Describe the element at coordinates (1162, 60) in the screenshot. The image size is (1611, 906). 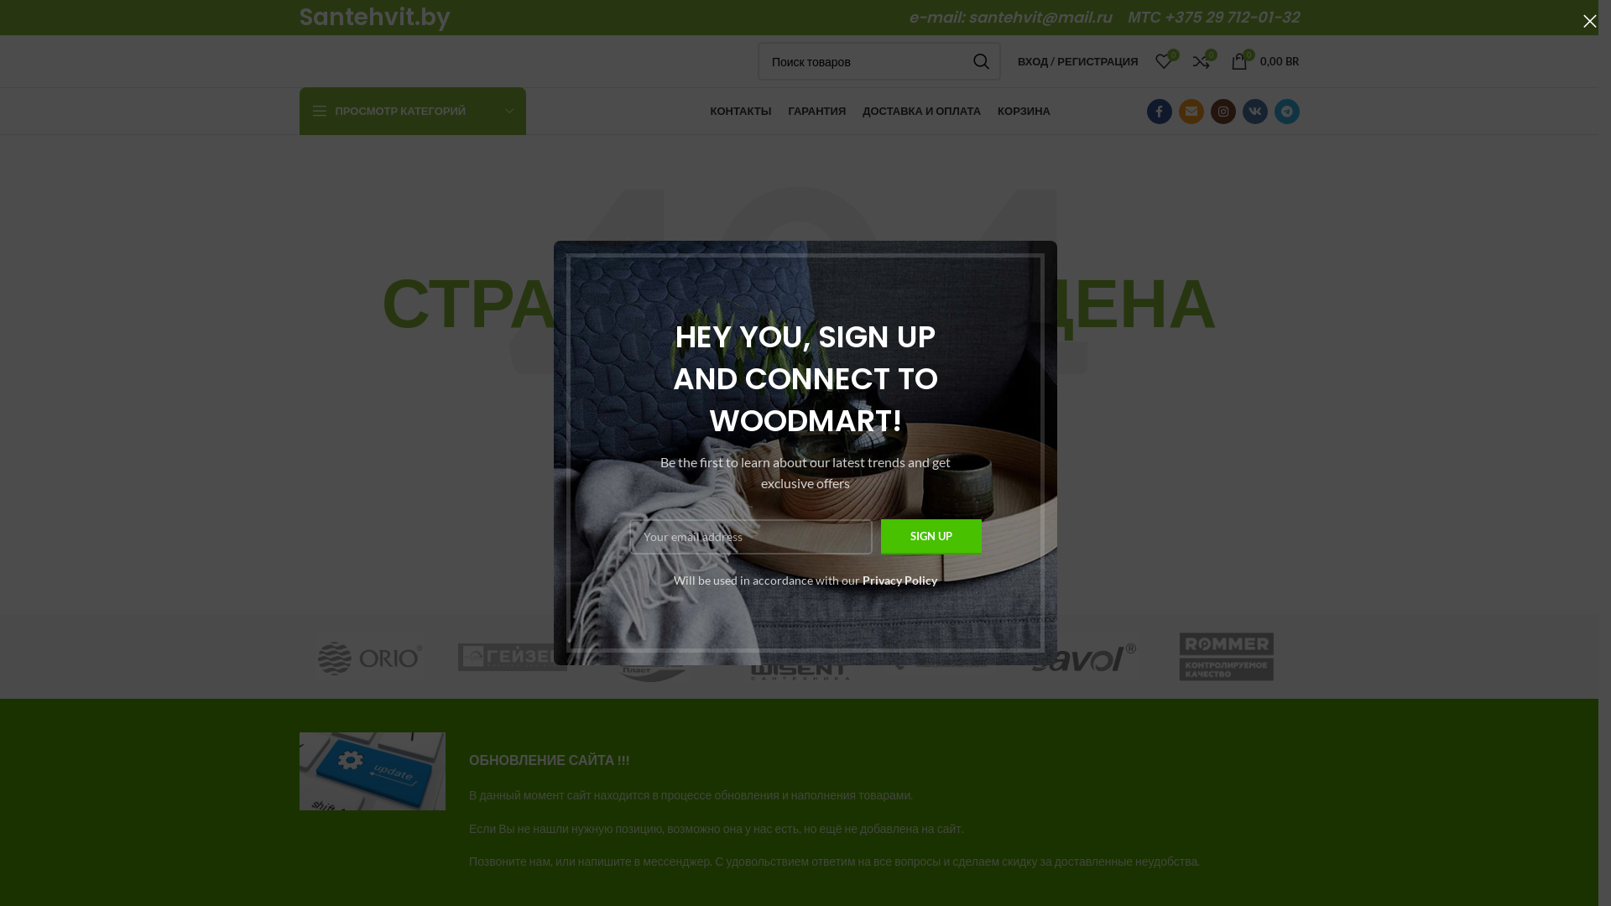
I see `'0'` at that location.